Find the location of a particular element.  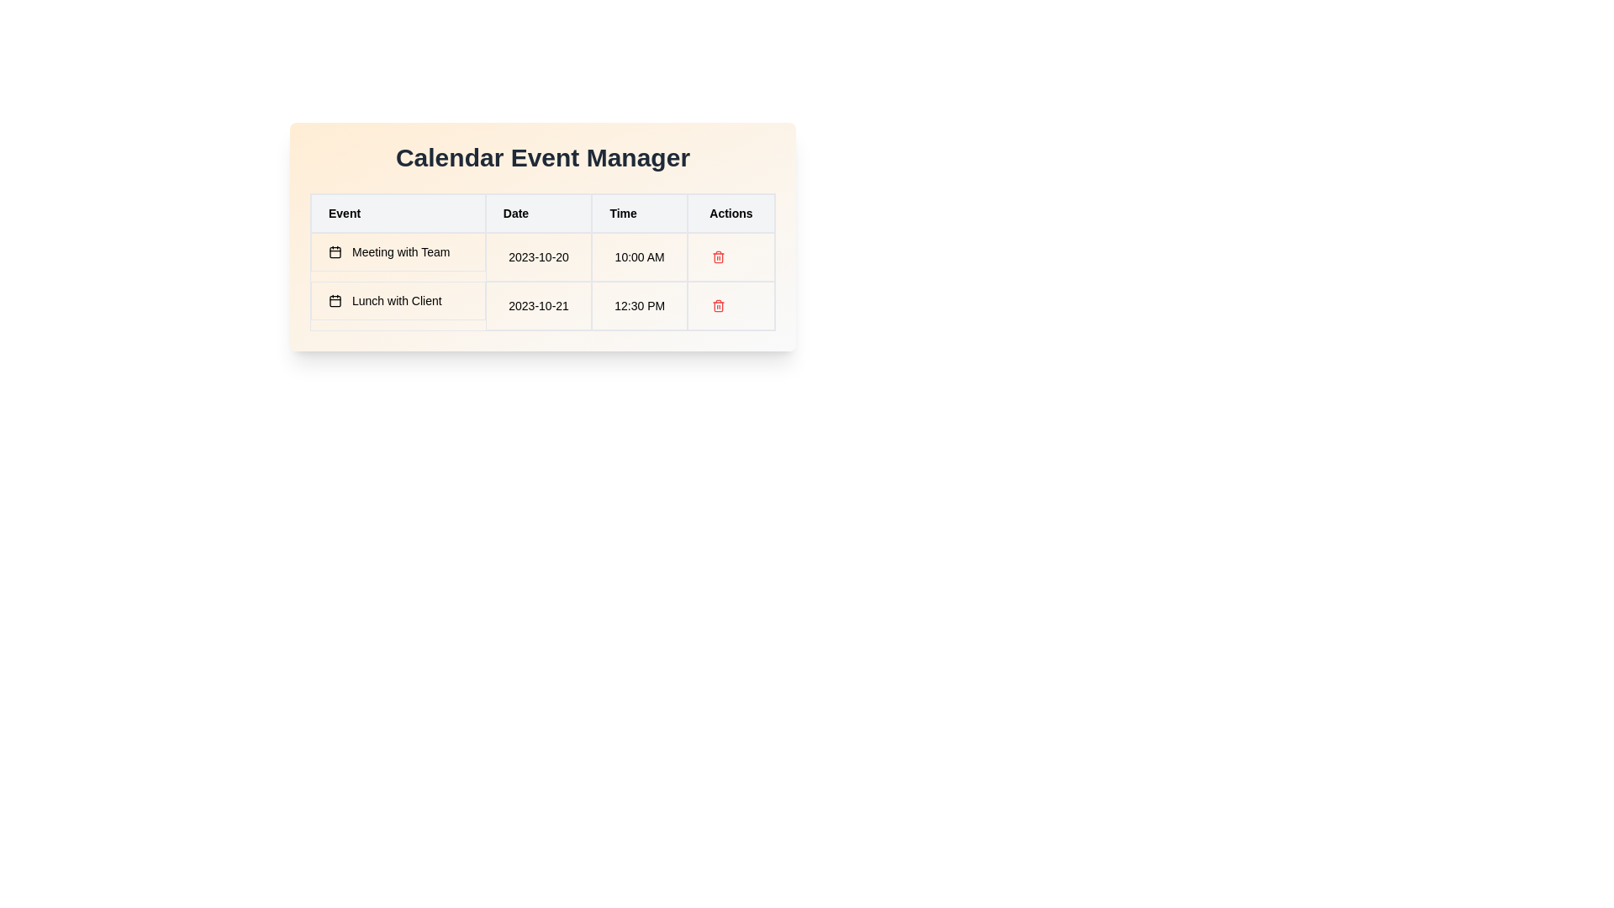

the delete button in the second row of the grid layout under the 'Actions' column, which corresponds to the 'Lunch with Client' event, to receive potential visual feedback is located at coordinates (731, 305).